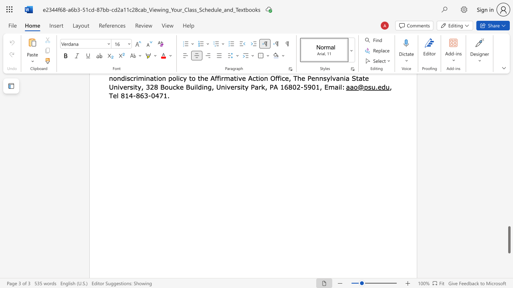  What do you see at coordinates (509, 163) in the screenshot?
I see `the scrollbar to scroll upward` at bounding box center [509, 163].